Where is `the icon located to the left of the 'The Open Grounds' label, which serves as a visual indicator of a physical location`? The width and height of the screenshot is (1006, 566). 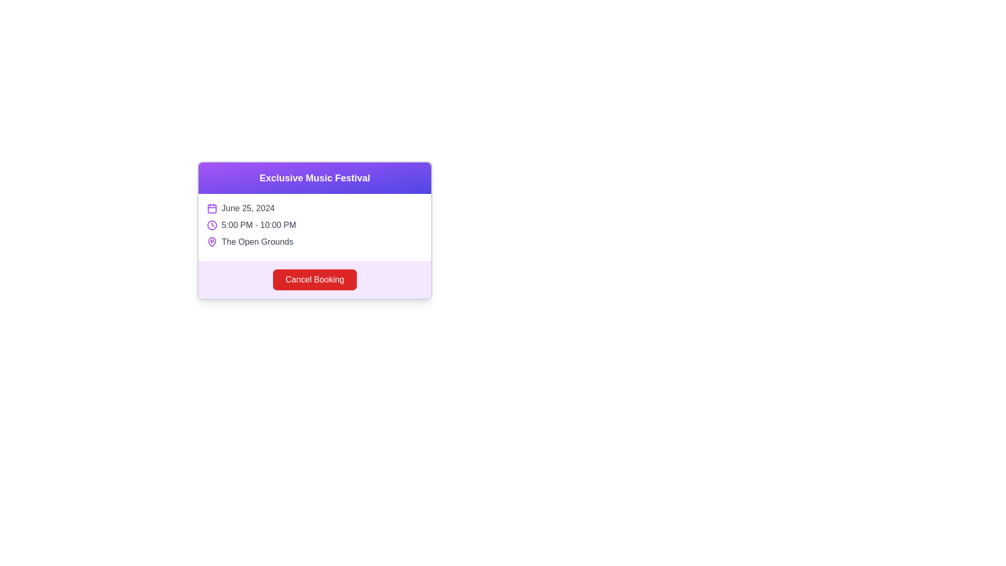 the icon located to the left of the 'The Open Grounds' label, which serves as a visual indicator of a physical location is located at coordinates (211, 242).